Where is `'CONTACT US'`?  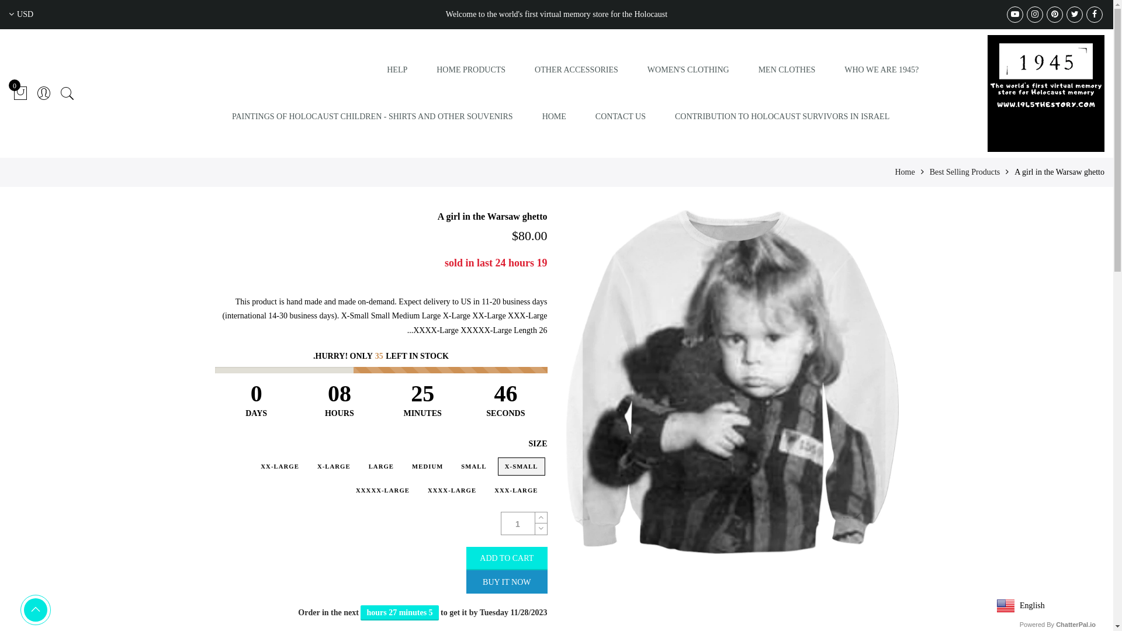 'CONTACT US' is located at coordinates (619, 116).